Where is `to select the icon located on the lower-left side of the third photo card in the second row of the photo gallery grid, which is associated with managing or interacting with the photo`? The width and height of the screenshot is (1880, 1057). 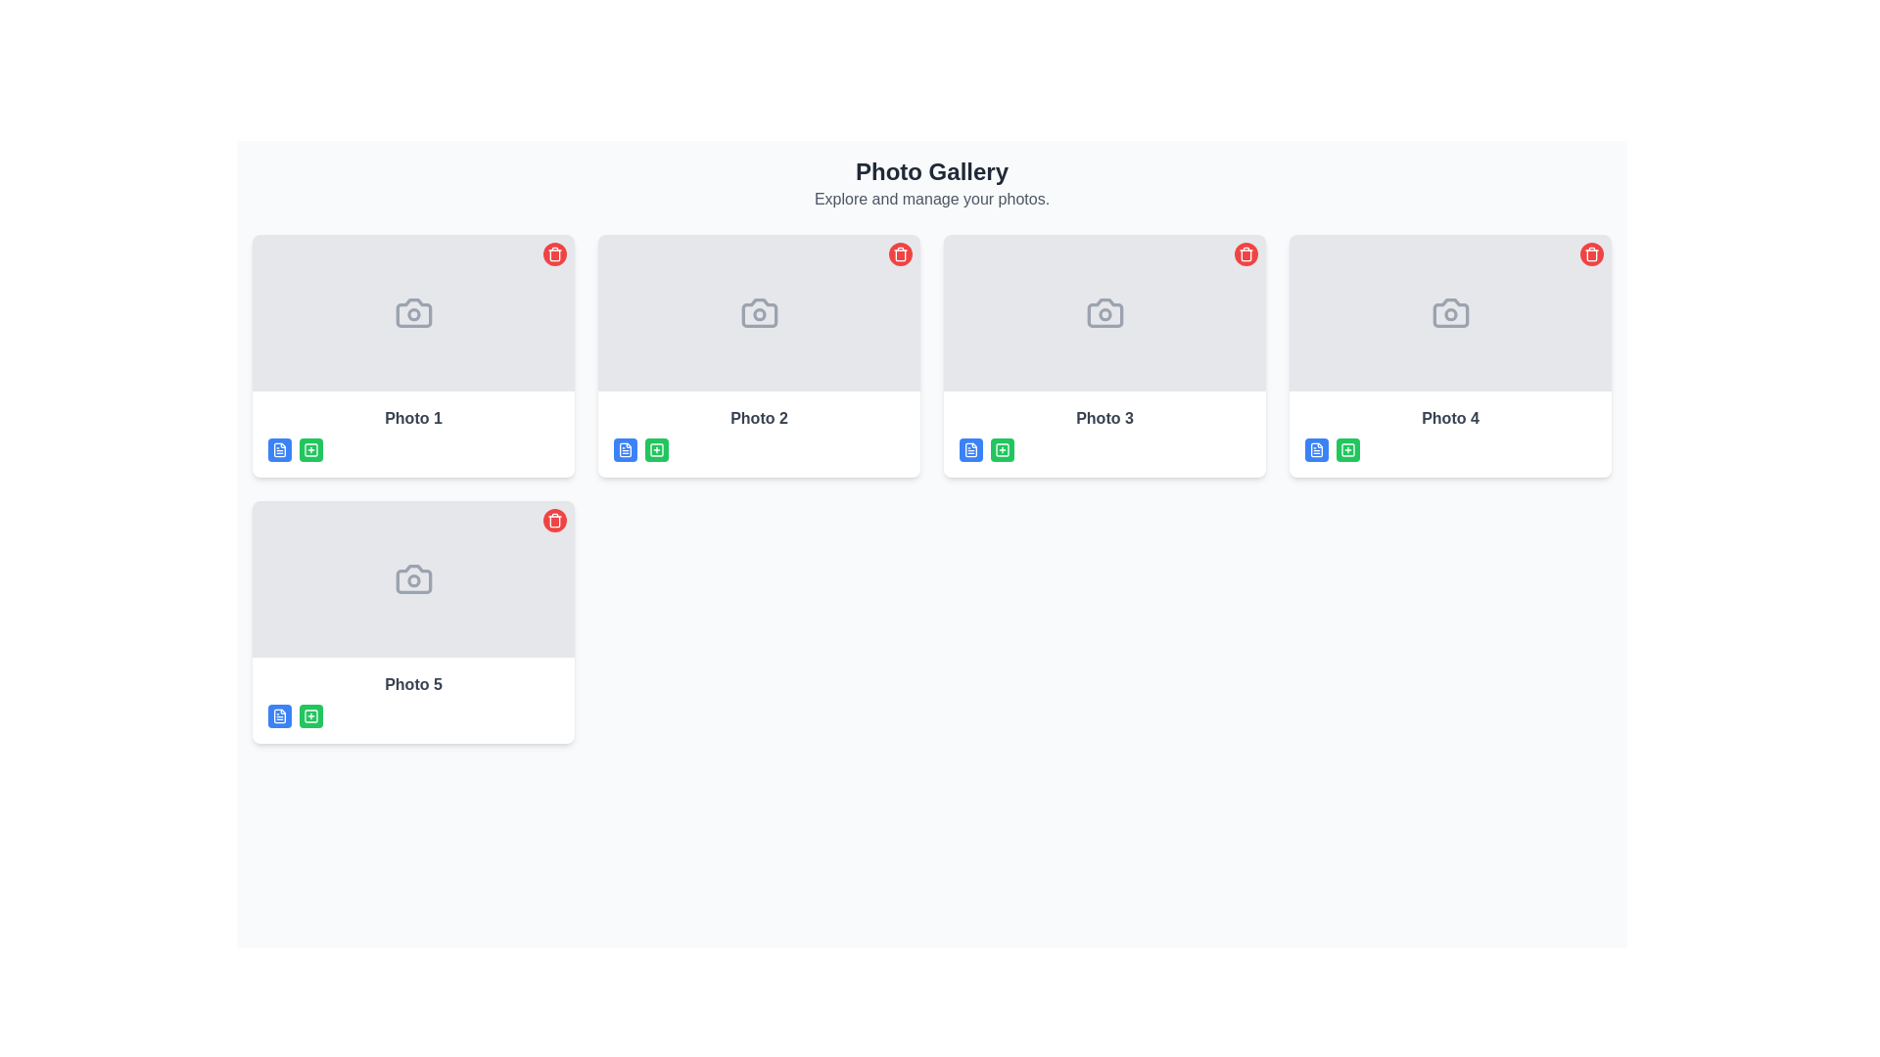
to select the icon located on the lower-left side of the third photo card in the second row of the photo gallery grid, which is associated with managing or interacting with the photo is located at coordinates (971, 449).